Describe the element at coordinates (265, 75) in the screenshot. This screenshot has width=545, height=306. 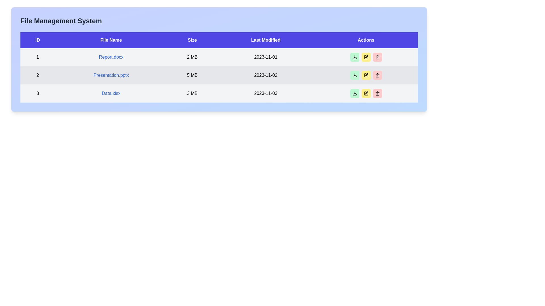
I see `the static text content displaying the last modified date for the file in the fourth cell of the second row of the table` at that location.